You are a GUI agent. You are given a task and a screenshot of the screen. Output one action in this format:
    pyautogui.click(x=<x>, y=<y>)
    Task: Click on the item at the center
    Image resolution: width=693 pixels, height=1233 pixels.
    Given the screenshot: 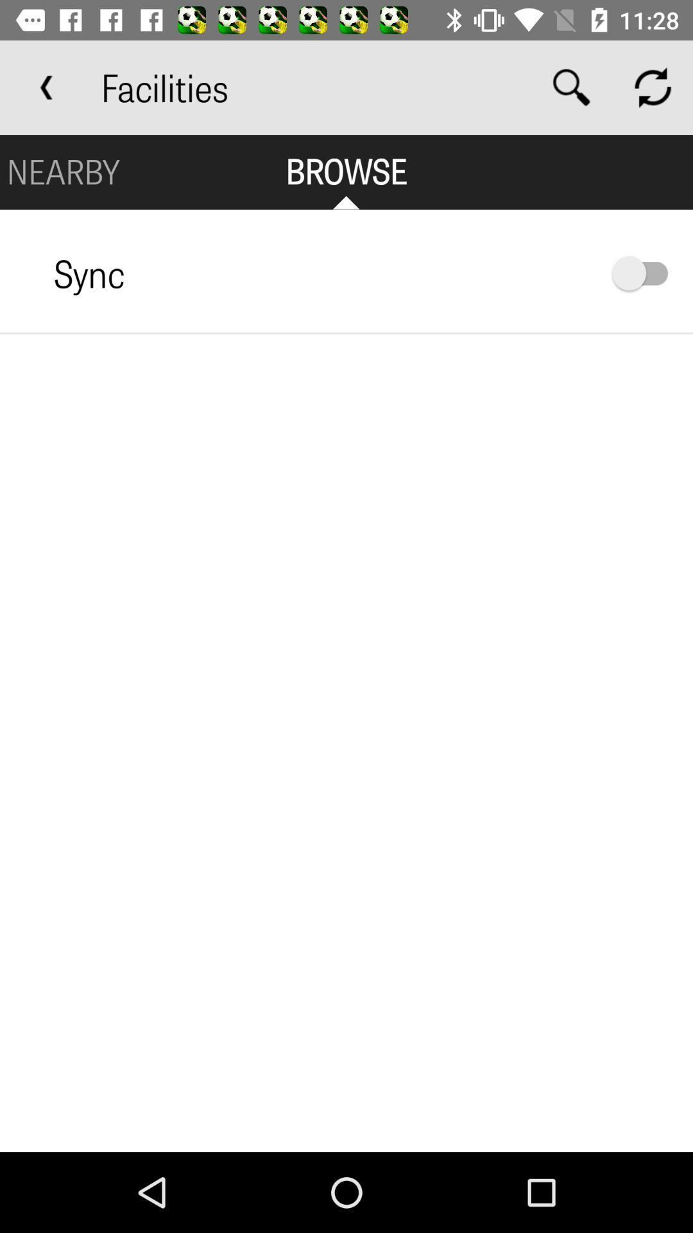 What is the action you would take?
    pyautogui.click(x=346, y=743)
    